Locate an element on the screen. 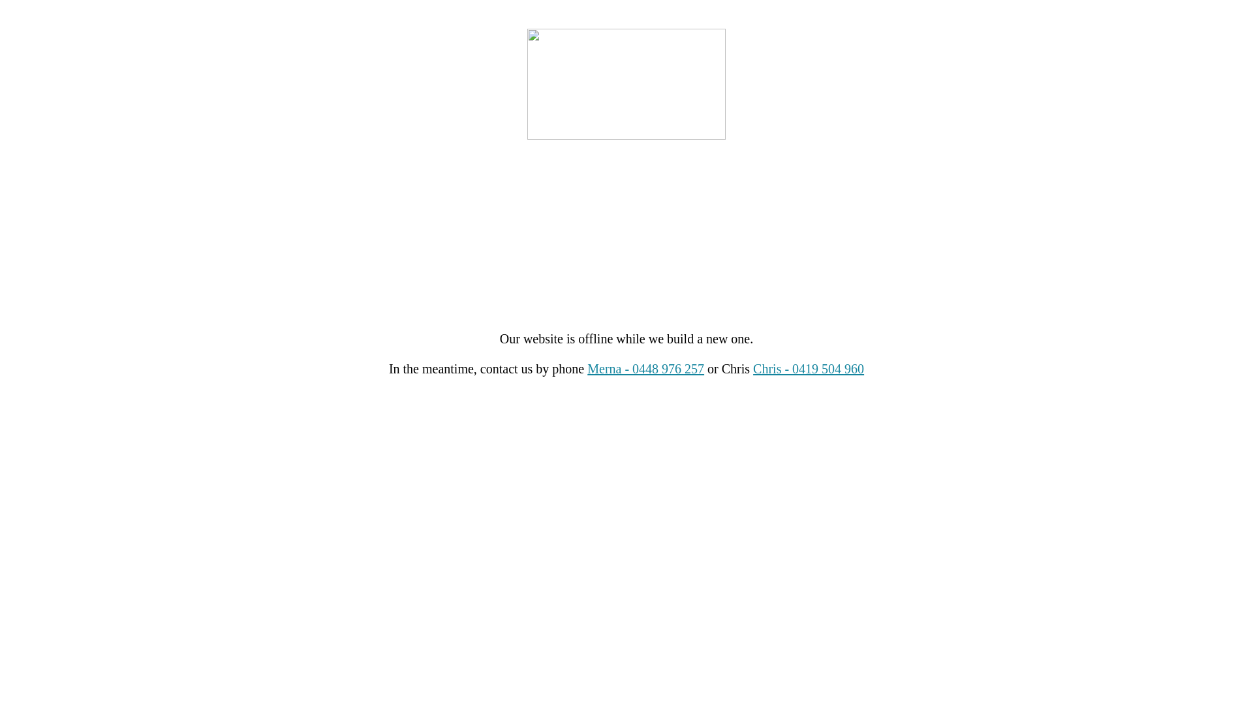  'Merna - 0448 976 257' is located at coordinates (645, 368).